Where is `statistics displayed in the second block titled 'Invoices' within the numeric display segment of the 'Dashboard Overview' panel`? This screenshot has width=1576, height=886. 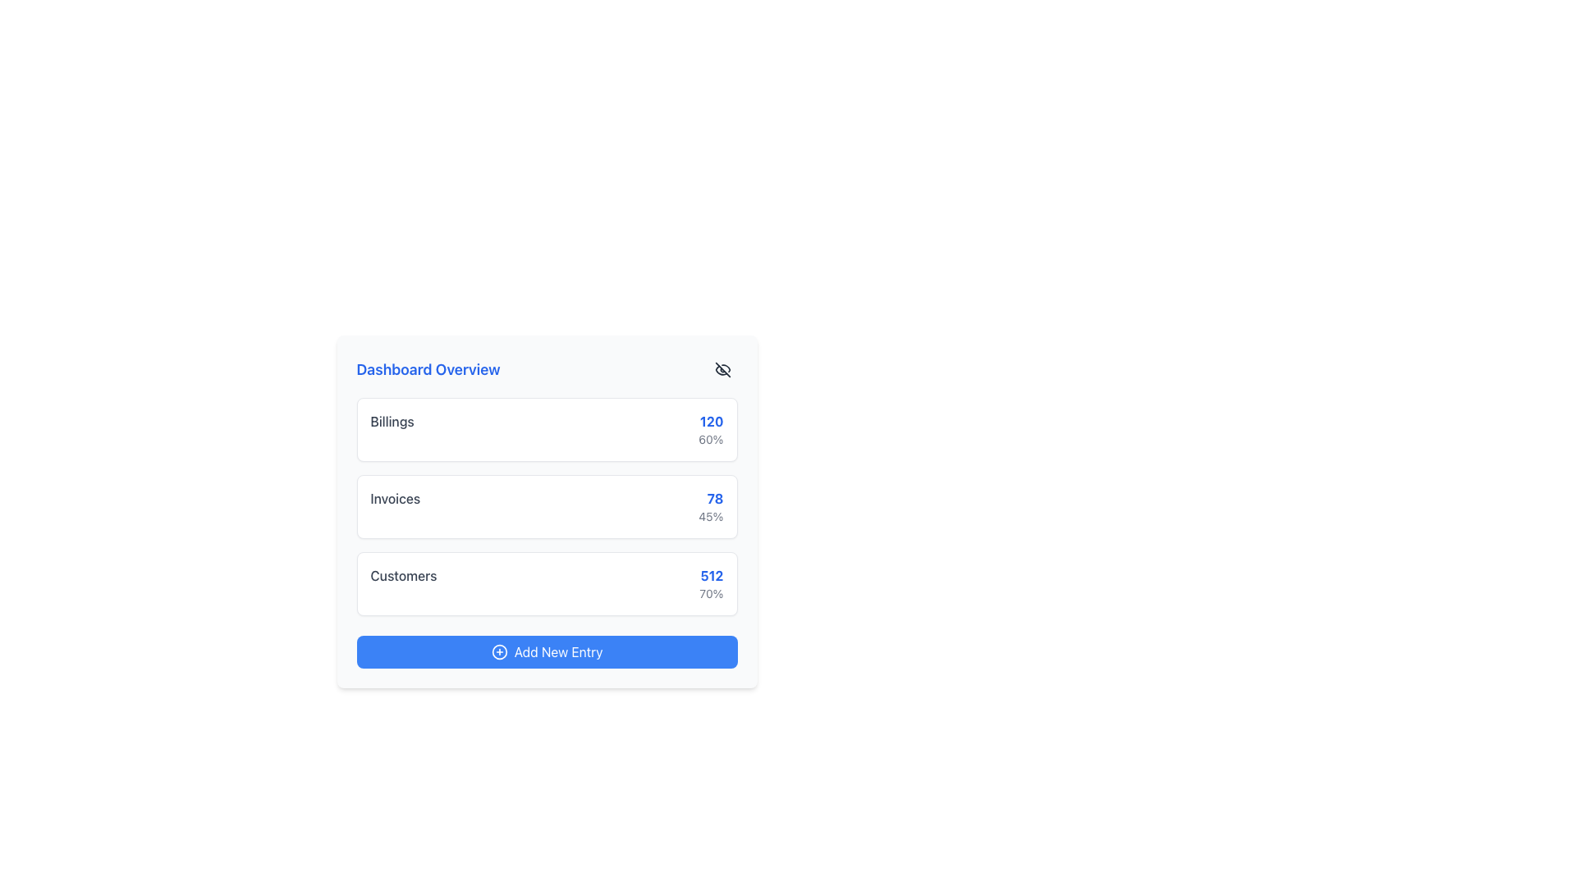 statistics displayed in the second block titled 'Invoices' within the numeric display segment of the 'Dashboard Overview' panel is located at coordinates (547, 505).